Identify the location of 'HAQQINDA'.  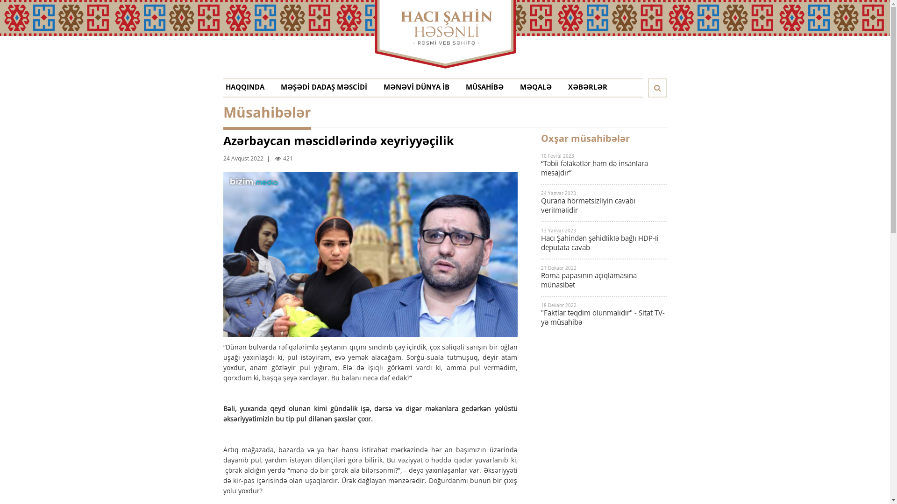
(244, 89).